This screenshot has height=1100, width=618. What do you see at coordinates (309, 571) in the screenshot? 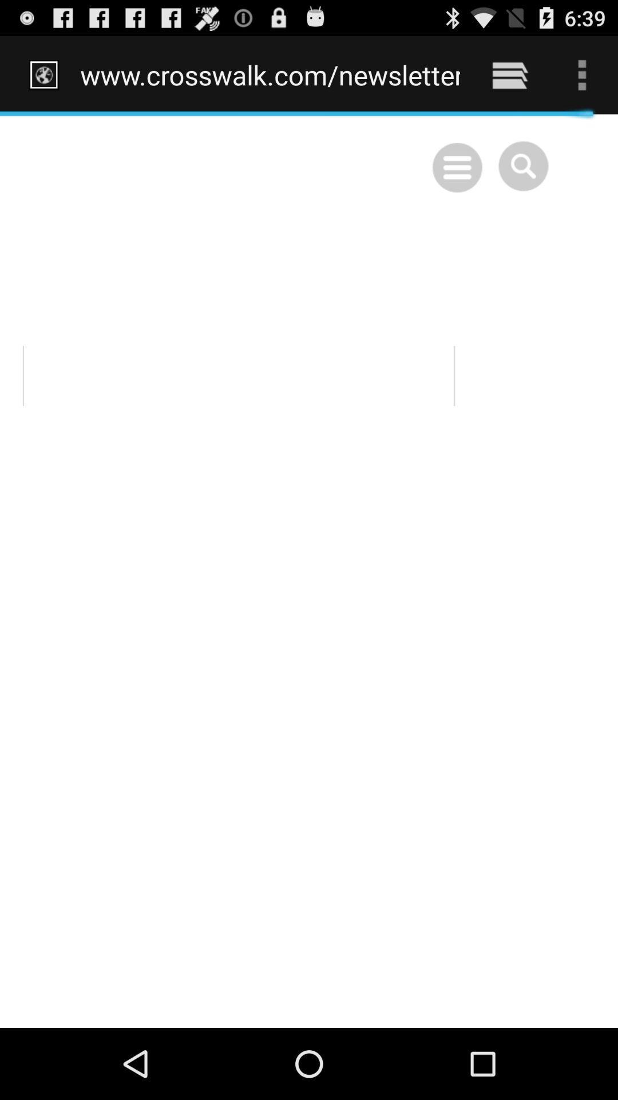
I see `the item at the center` at bounding box center [309, 571].